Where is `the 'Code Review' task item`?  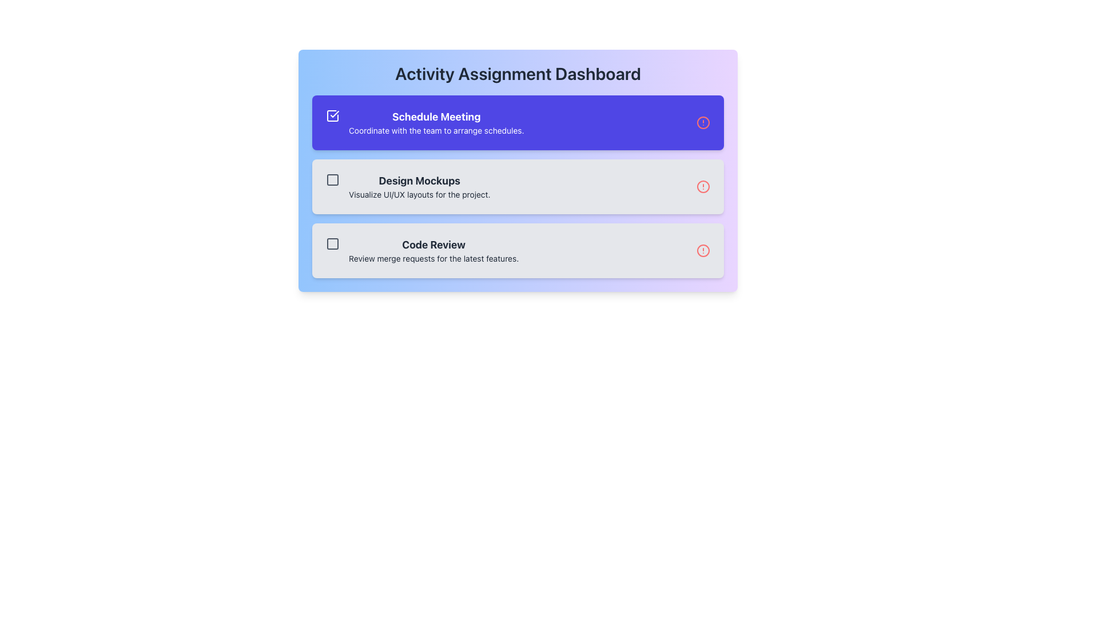 the 'Code Review' task item is located at coordinates (433, 250).